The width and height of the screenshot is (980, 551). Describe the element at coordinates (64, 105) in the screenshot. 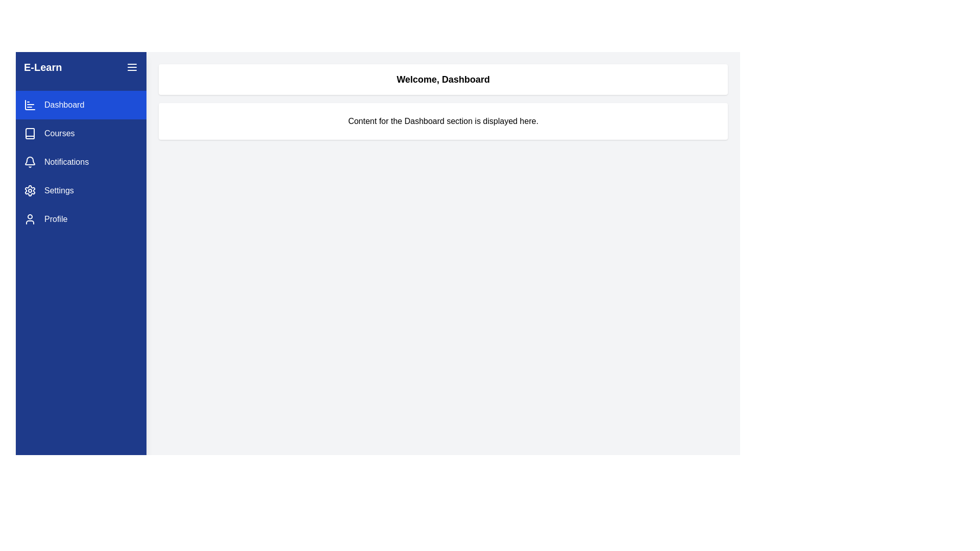

I see `text of the 'Dashboard' label located in the first navigation item of the vertical menu on the left-hand side, which aligns horizontally with a bar chart icon` at that location.